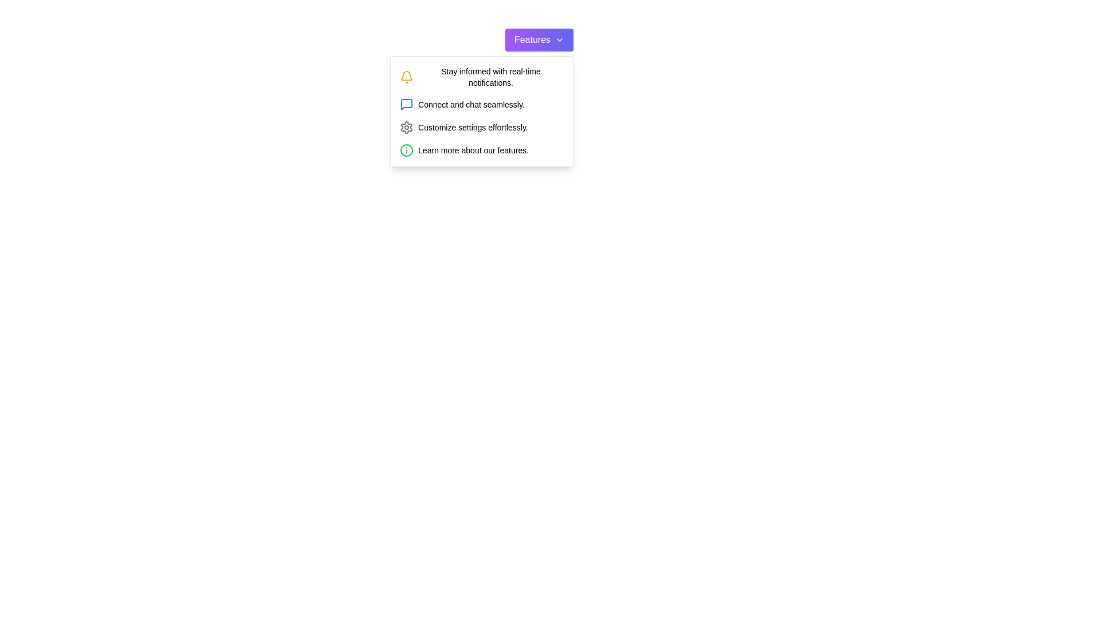 This screenshot has width=1100, height=618. What do you see at coordinates (482, 104) in the screenshot?
I see `the 'Text with Icon' element that conveys features or information related to seamless chat connectivity, located below 'Stay informed with real-time notifications'` at bounding box center [482, 104].